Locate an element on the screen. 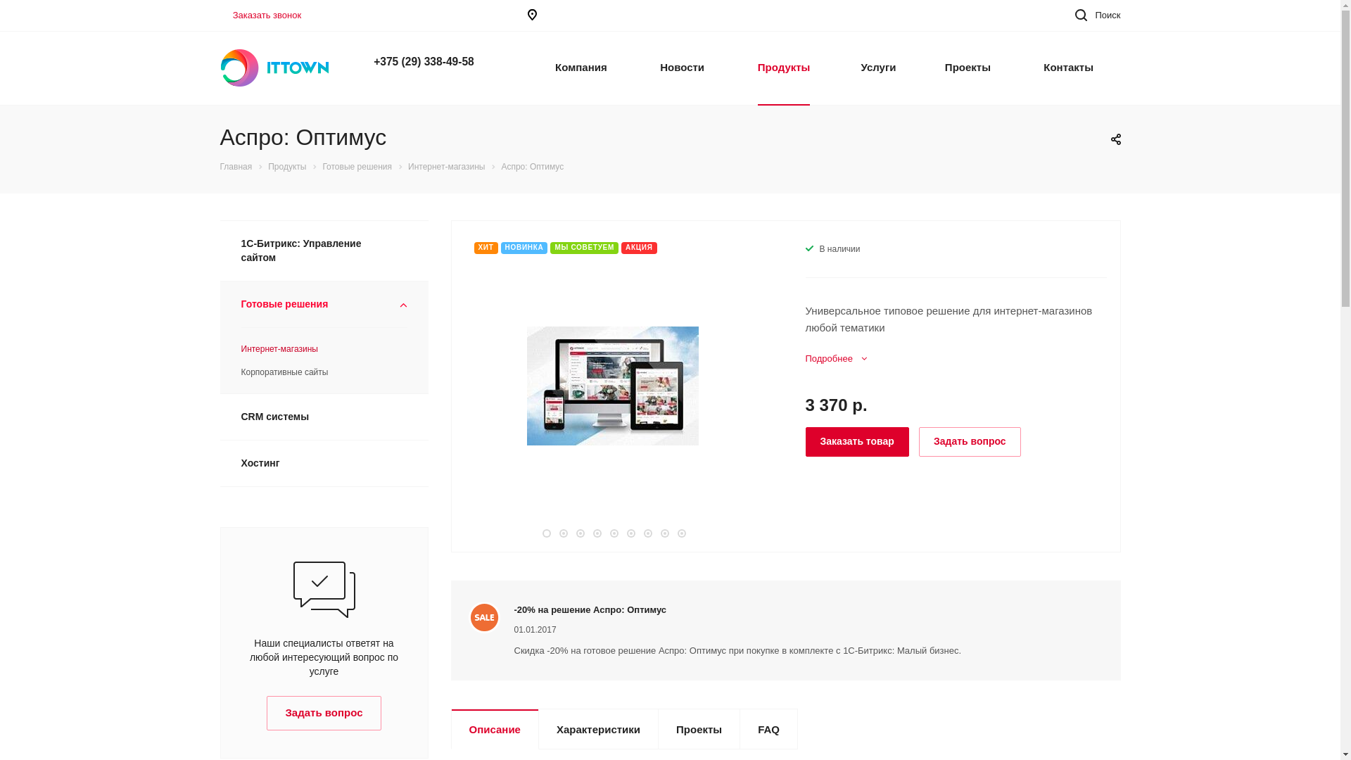 The image size is (1351, 760). 'FAQ' is located at coordinates (739, 728).